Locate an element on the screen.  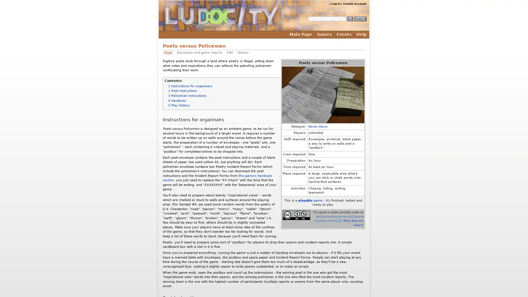
Go is located at coordinates (350, 18).